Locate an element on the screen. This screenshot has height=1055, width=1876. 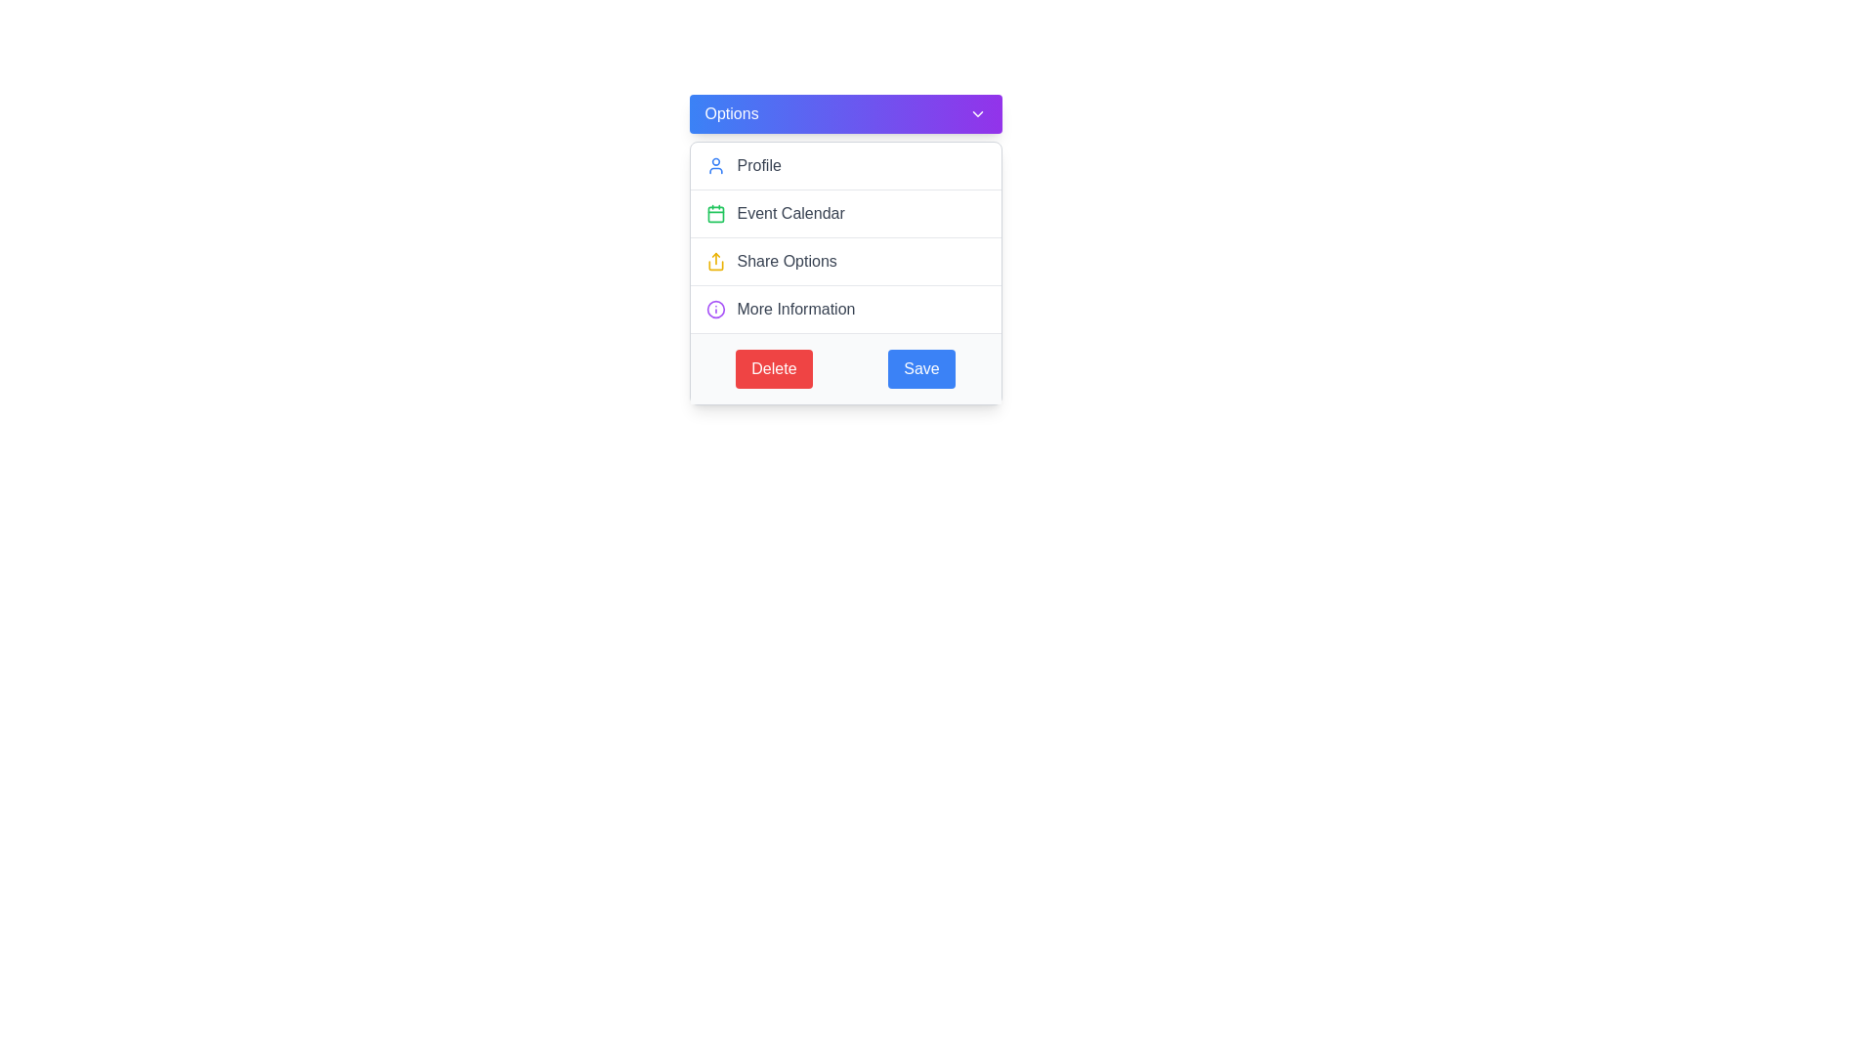
the small downward-facing chevron icon located at the far right side of the 'Options' button is located at coordinates (977, 113).